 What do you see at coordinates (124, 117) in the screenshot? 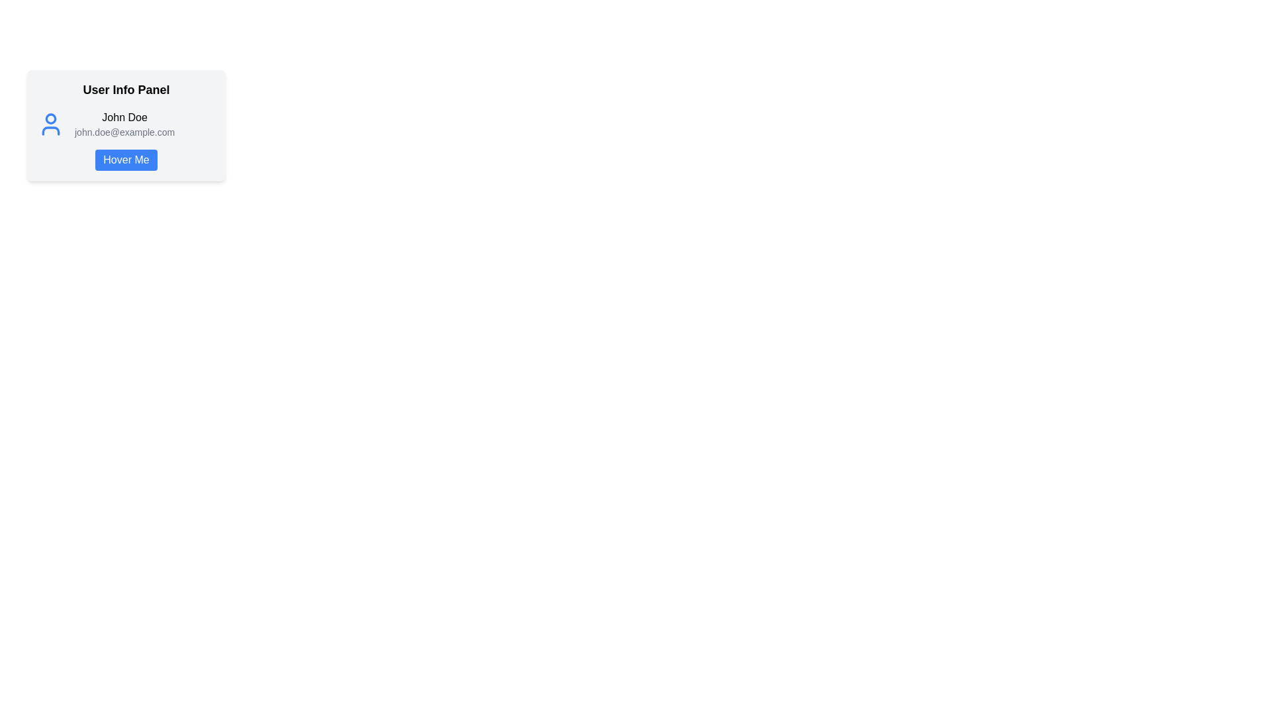
I see `the text element displaying the name 'John Doe', which is in bold and medium-sized font located in the upper left portion of a user information panel` at bounding box center [124, 117].